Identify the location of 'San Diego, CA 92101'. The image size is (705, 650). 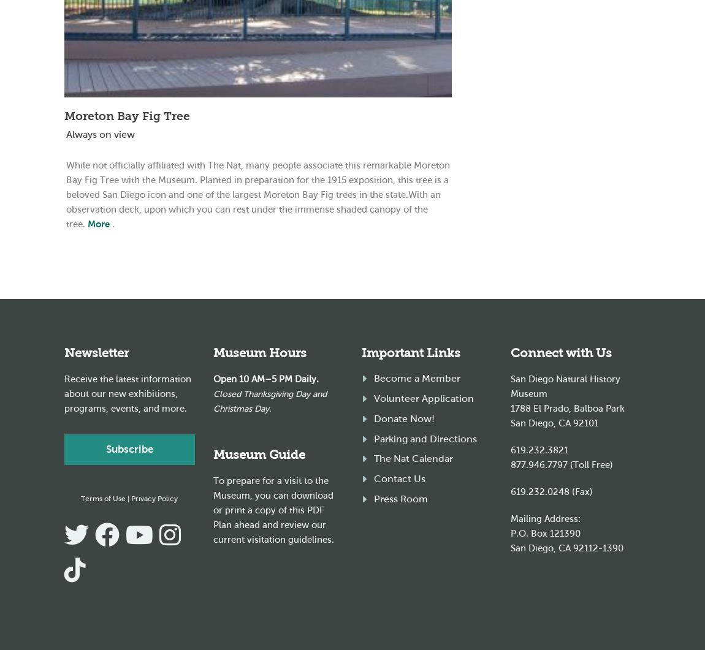
(554, 423).